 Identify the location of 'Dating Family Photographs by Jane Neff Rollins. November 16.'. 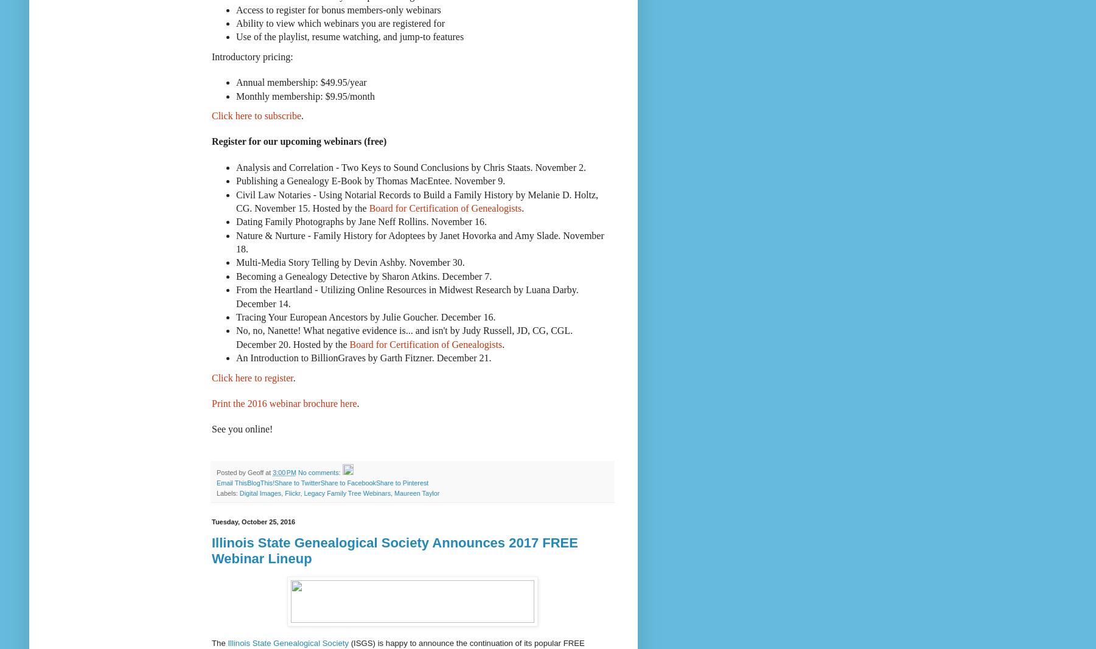
(361, 221).